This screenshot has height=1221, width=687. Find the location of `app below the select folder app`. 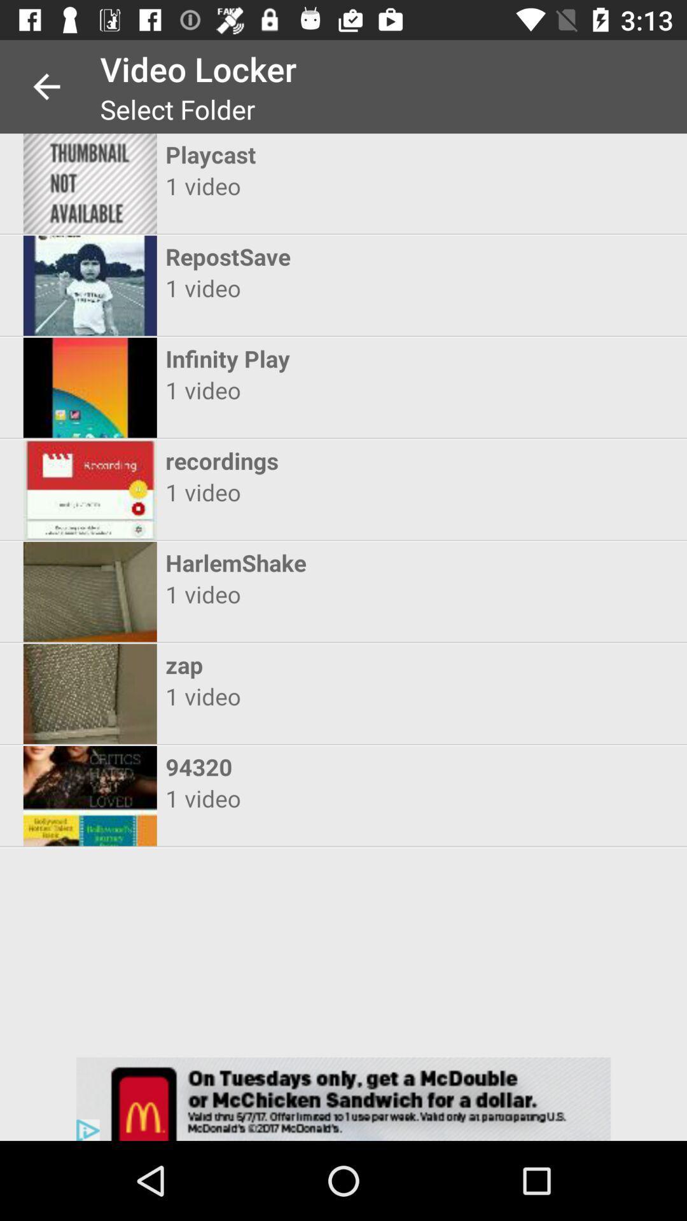

app below the select folder app is located at coordinates (331, 154).